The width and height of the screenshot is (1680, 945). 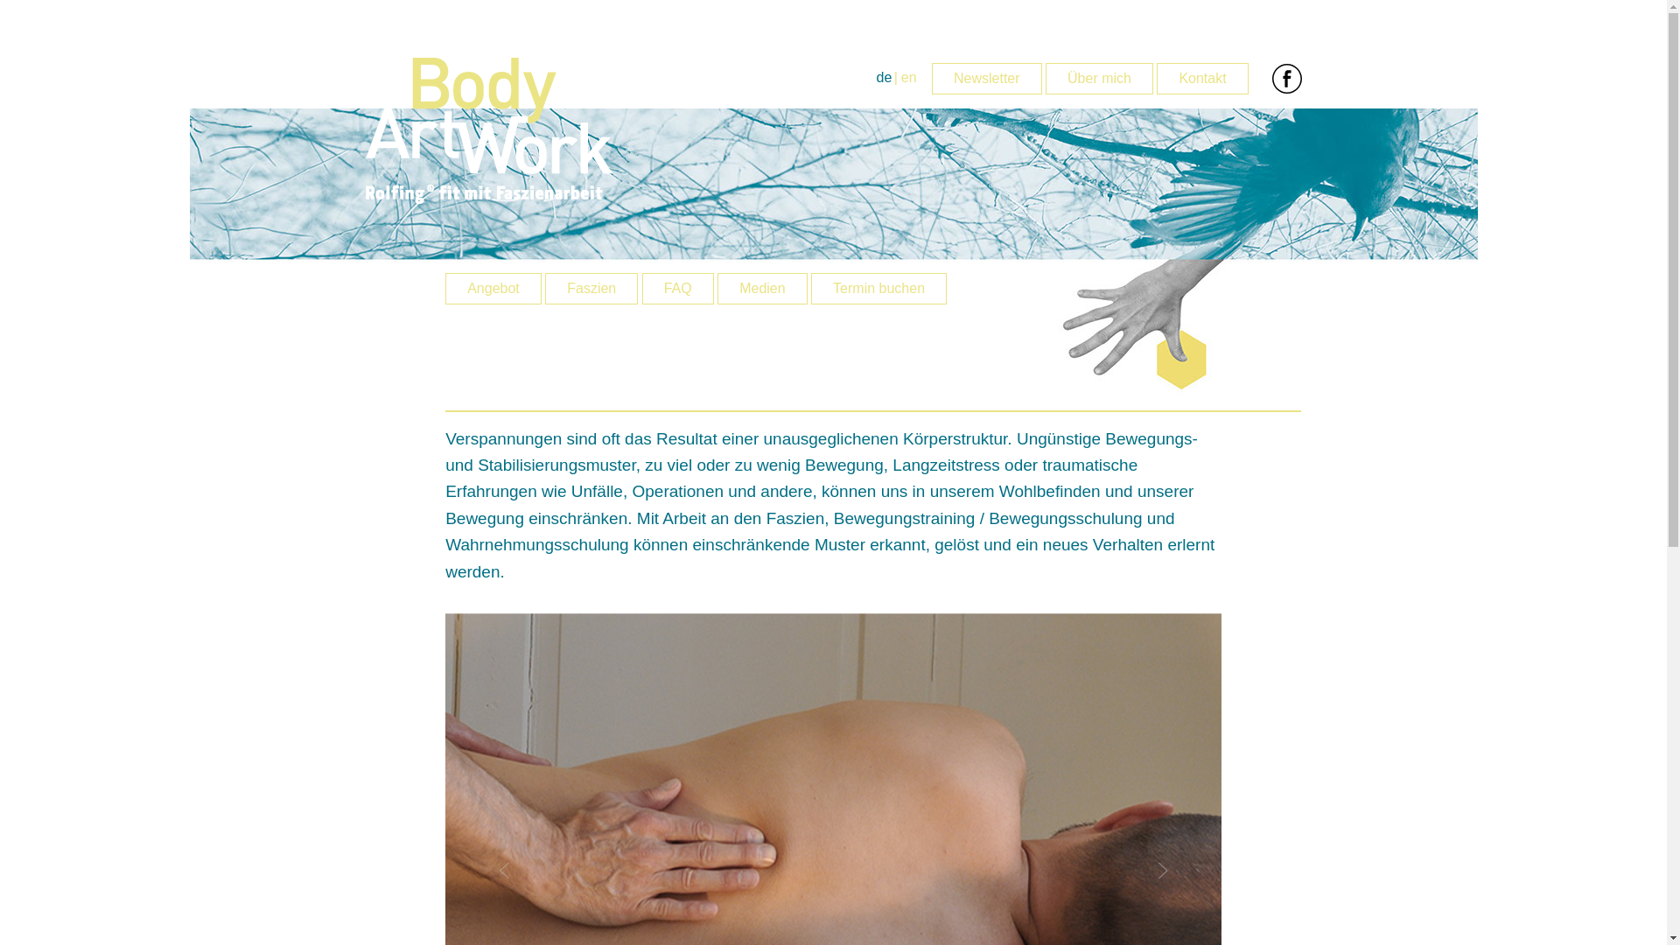 I want to click on 'Medien', so click(x=761, y=288).